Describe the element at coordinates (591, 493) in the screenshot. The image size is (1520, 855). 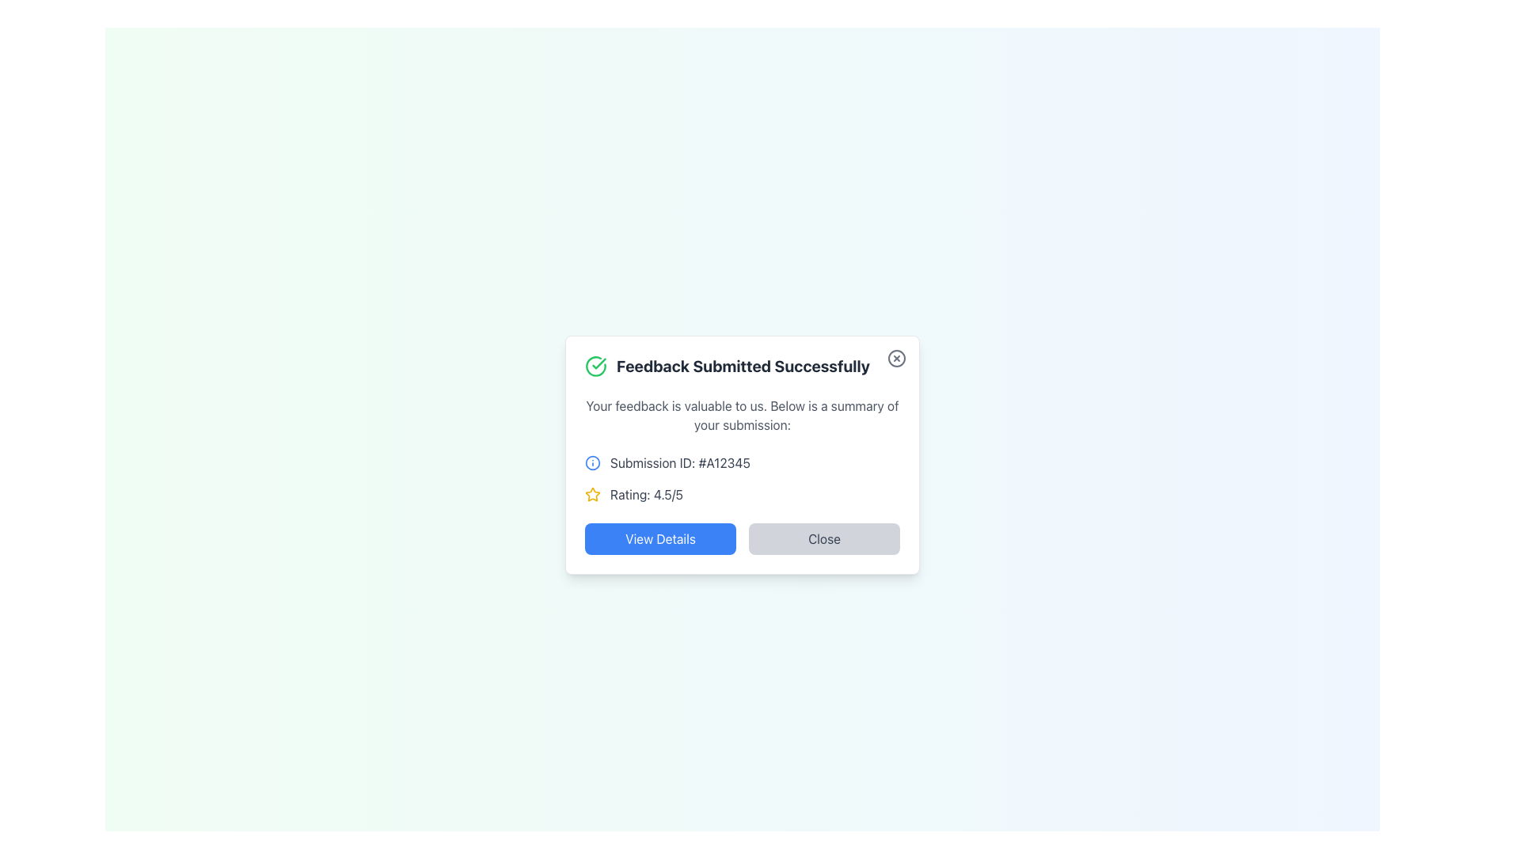
I see `yellow star shape icon that is part of the rating display in the modal dialog box next to the text 'Rating: 4.5/5'` at that location.